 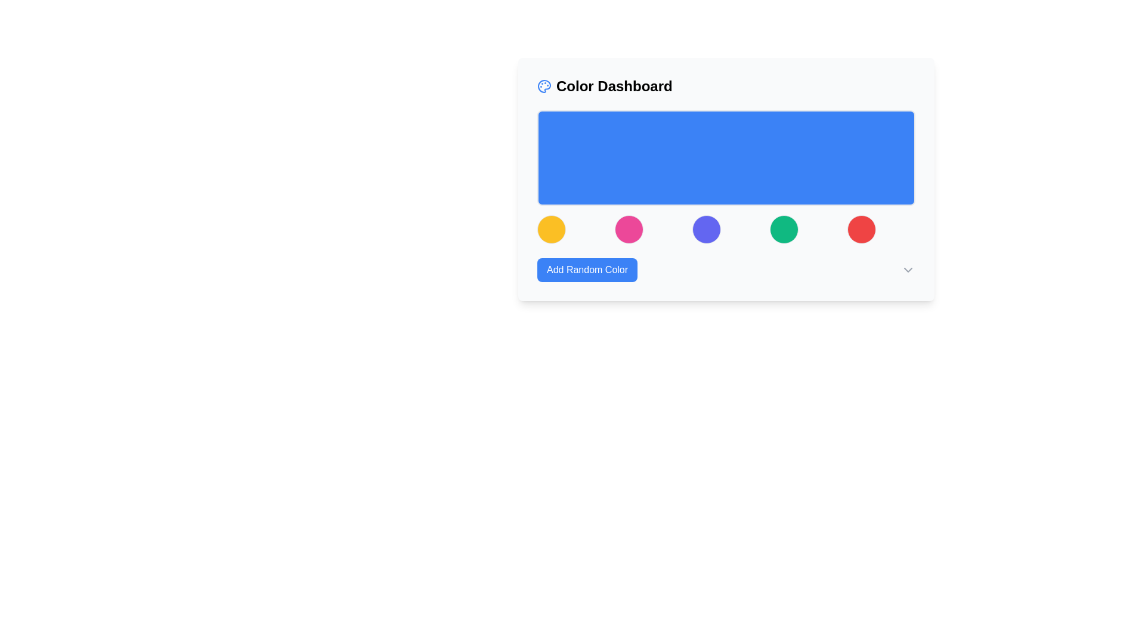 I want to click on the circular button with a vivid blue background, which is the third in a row of five equally spaced circles, so click(x=707, y=230).